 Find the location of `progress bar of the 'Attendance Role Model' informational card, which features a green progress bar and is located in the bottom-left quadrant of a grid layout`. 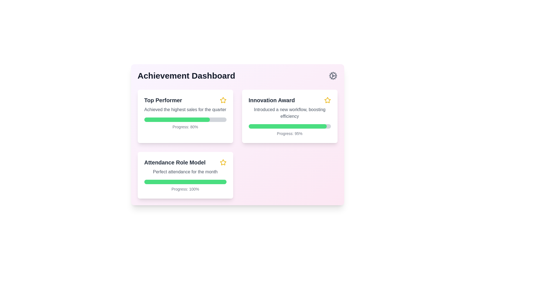

progress bar of the 'Attendance Role Model' informational card, which features a green progress bar and is located in the bottom-left quadrant of a grid layout is located at coordinates (185, 175).